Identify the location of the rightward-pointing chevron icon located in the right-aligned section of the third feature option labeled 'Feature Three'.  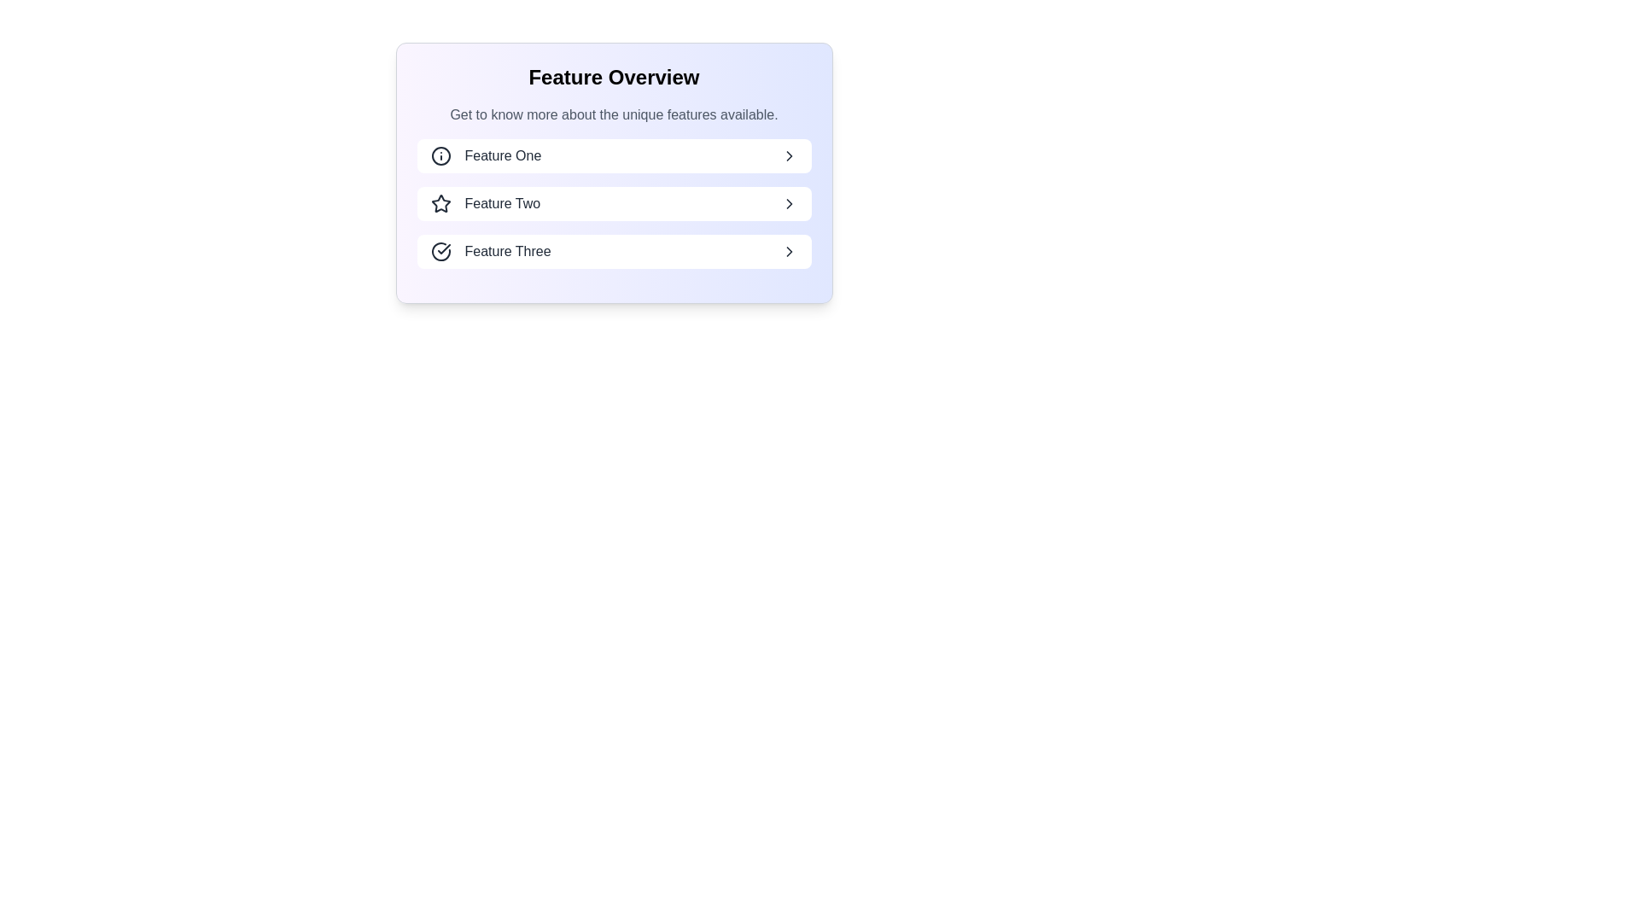
(788, 251).